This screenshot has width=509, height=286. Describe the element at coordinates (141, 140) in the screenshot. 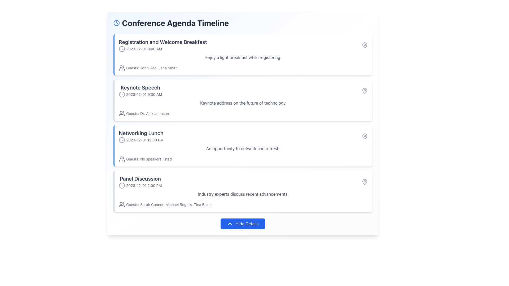

I see `time information displayed in the timestamp format '2023-12-01 12:00 PM' located under the title 'Networking Lunch' to the right of the clock icon in the third card of the events list` at that location.